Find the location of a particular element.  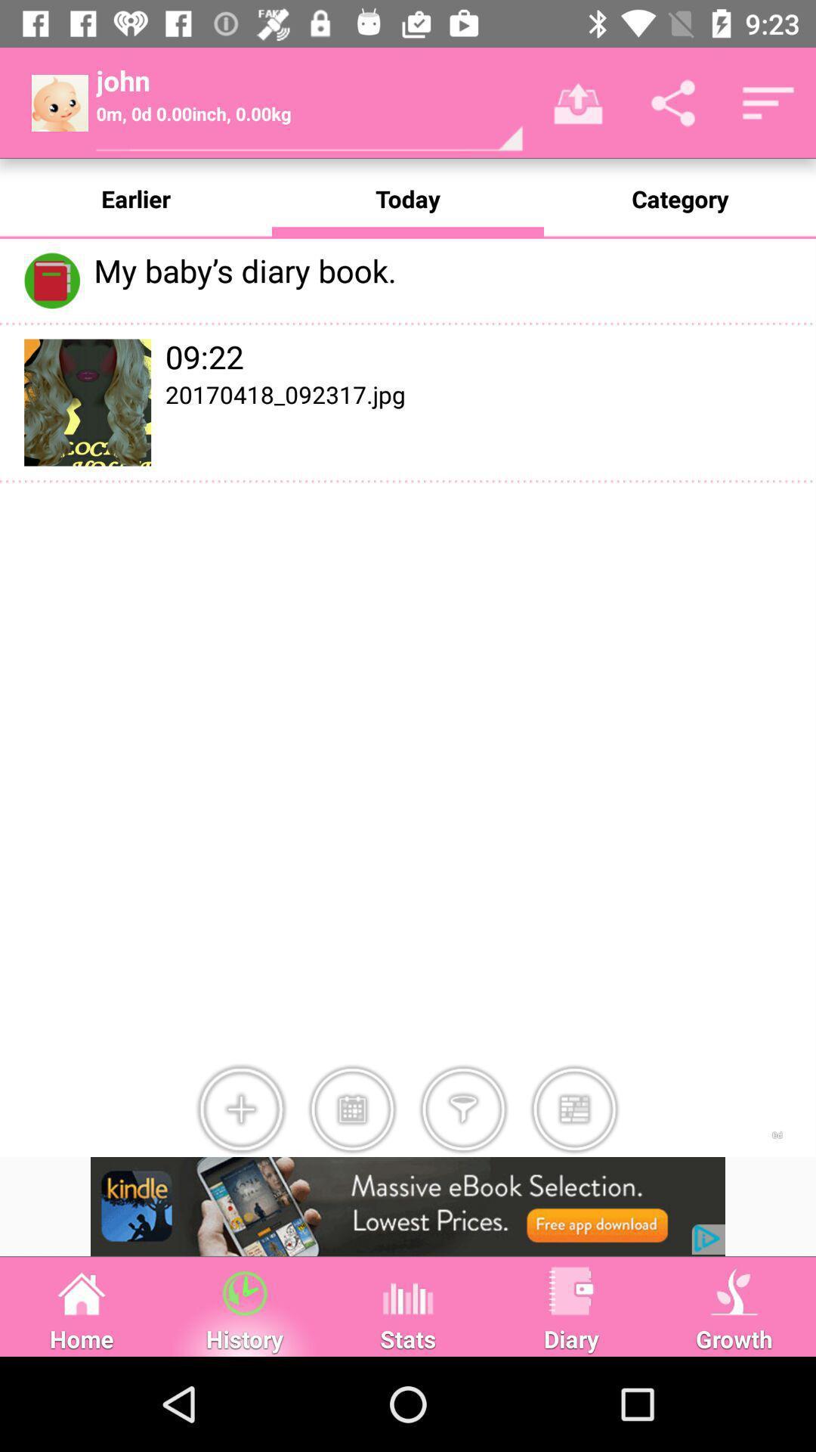

diary book to playlist is located at coordinates (352, 1109).